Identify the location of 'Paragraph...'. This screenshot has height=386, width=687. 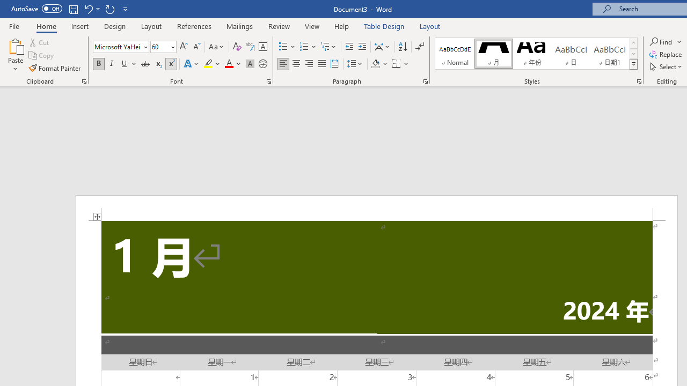
(425, 80).